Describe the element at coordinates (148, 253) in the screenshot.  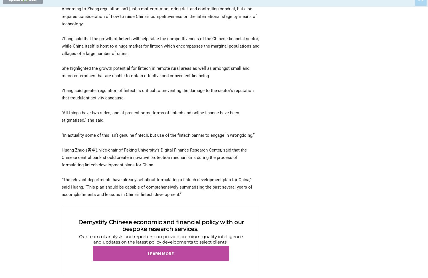
I see `'Learn more'` at that location.